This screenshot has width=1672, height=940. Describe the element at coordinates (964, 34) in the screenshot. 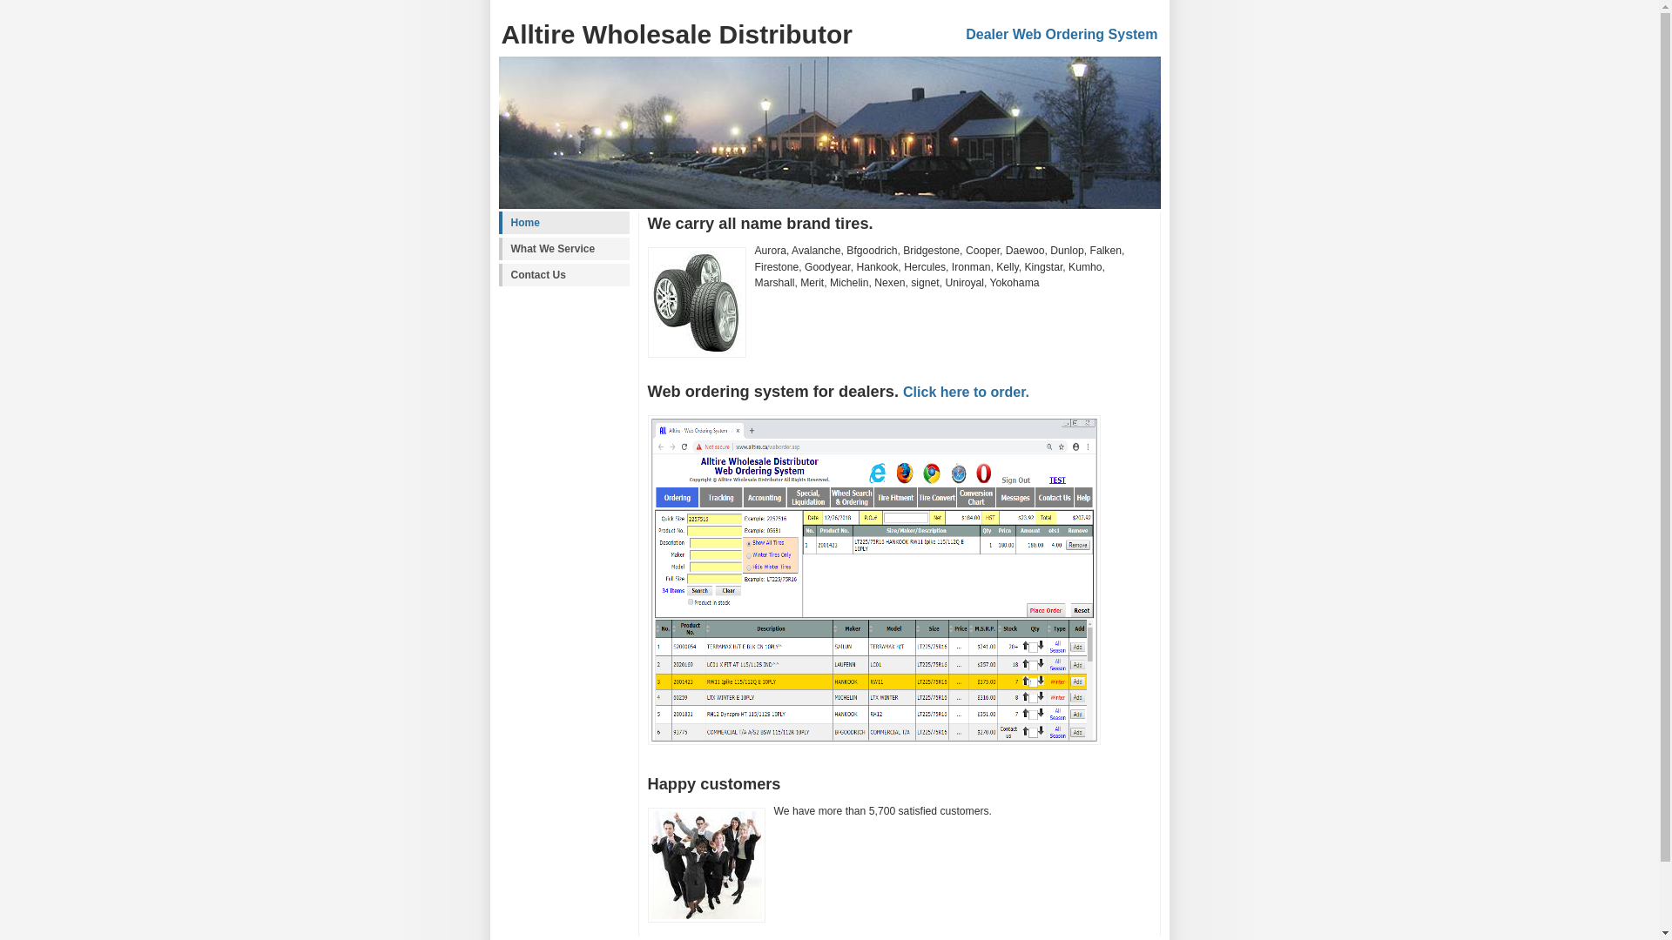

I see `'Dealer Web Ordering System'` at that location.